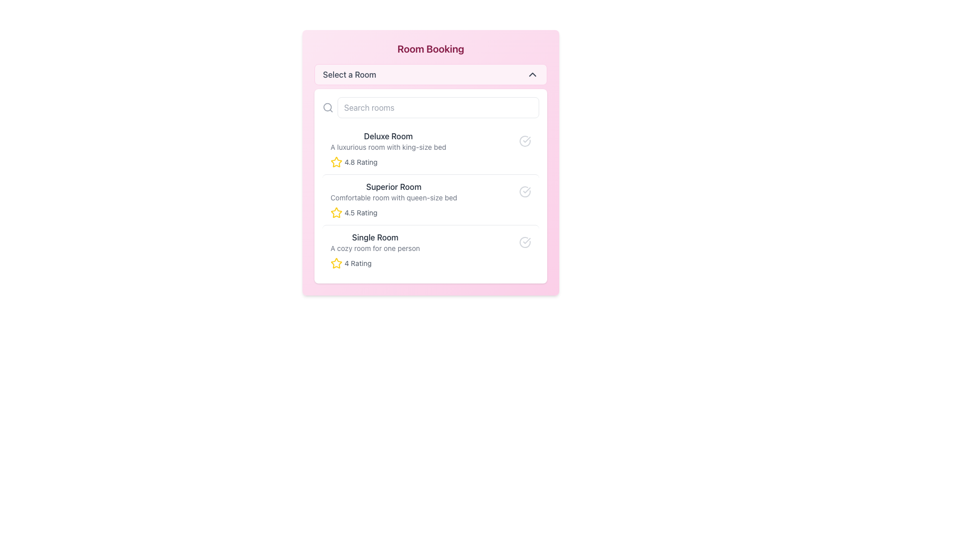 The height and width of the screenshot is (541, 963). I want to click on the Chevron Down icon on the rightmost side of the 'Select a Room' dropdown bar, so click(532, 74).